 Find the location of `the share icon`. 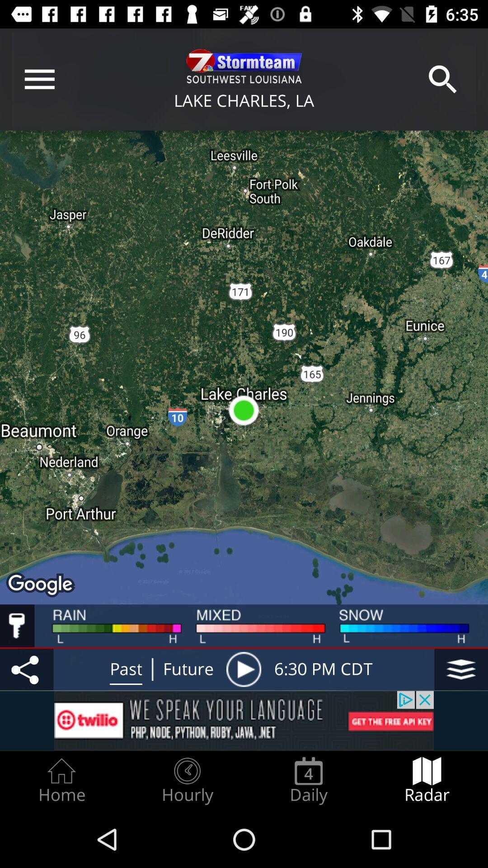

the share icon is located at coordinates (26, 669).